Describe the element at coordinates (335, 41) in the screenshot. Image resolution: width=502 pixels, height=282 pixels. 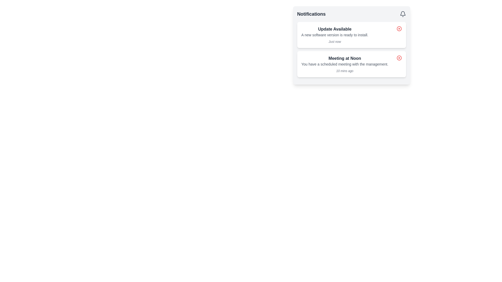
I see `the static text label reading 'Just now', which is styled in italic and light gray color, located under the notification message within the 'Update Available' card` at that location.